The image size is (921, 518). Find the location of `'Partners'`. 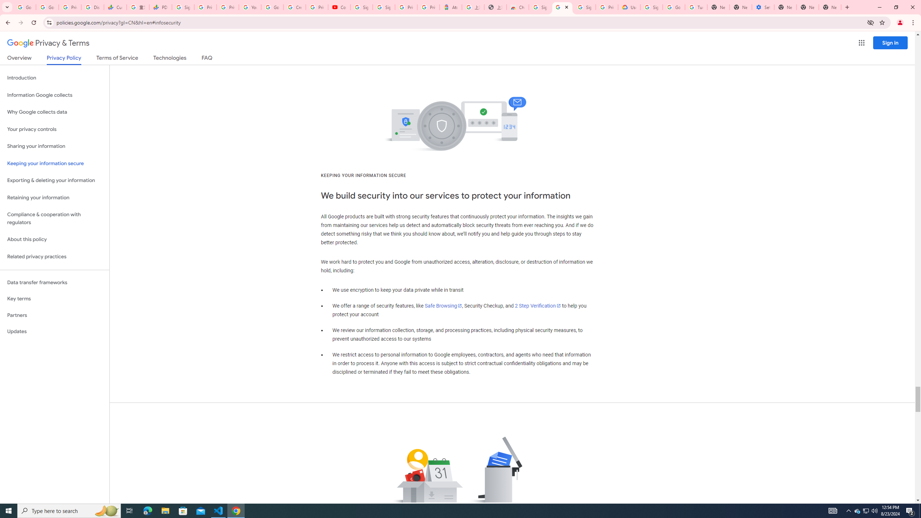

'Partners' is located at coordinates (54, 315).